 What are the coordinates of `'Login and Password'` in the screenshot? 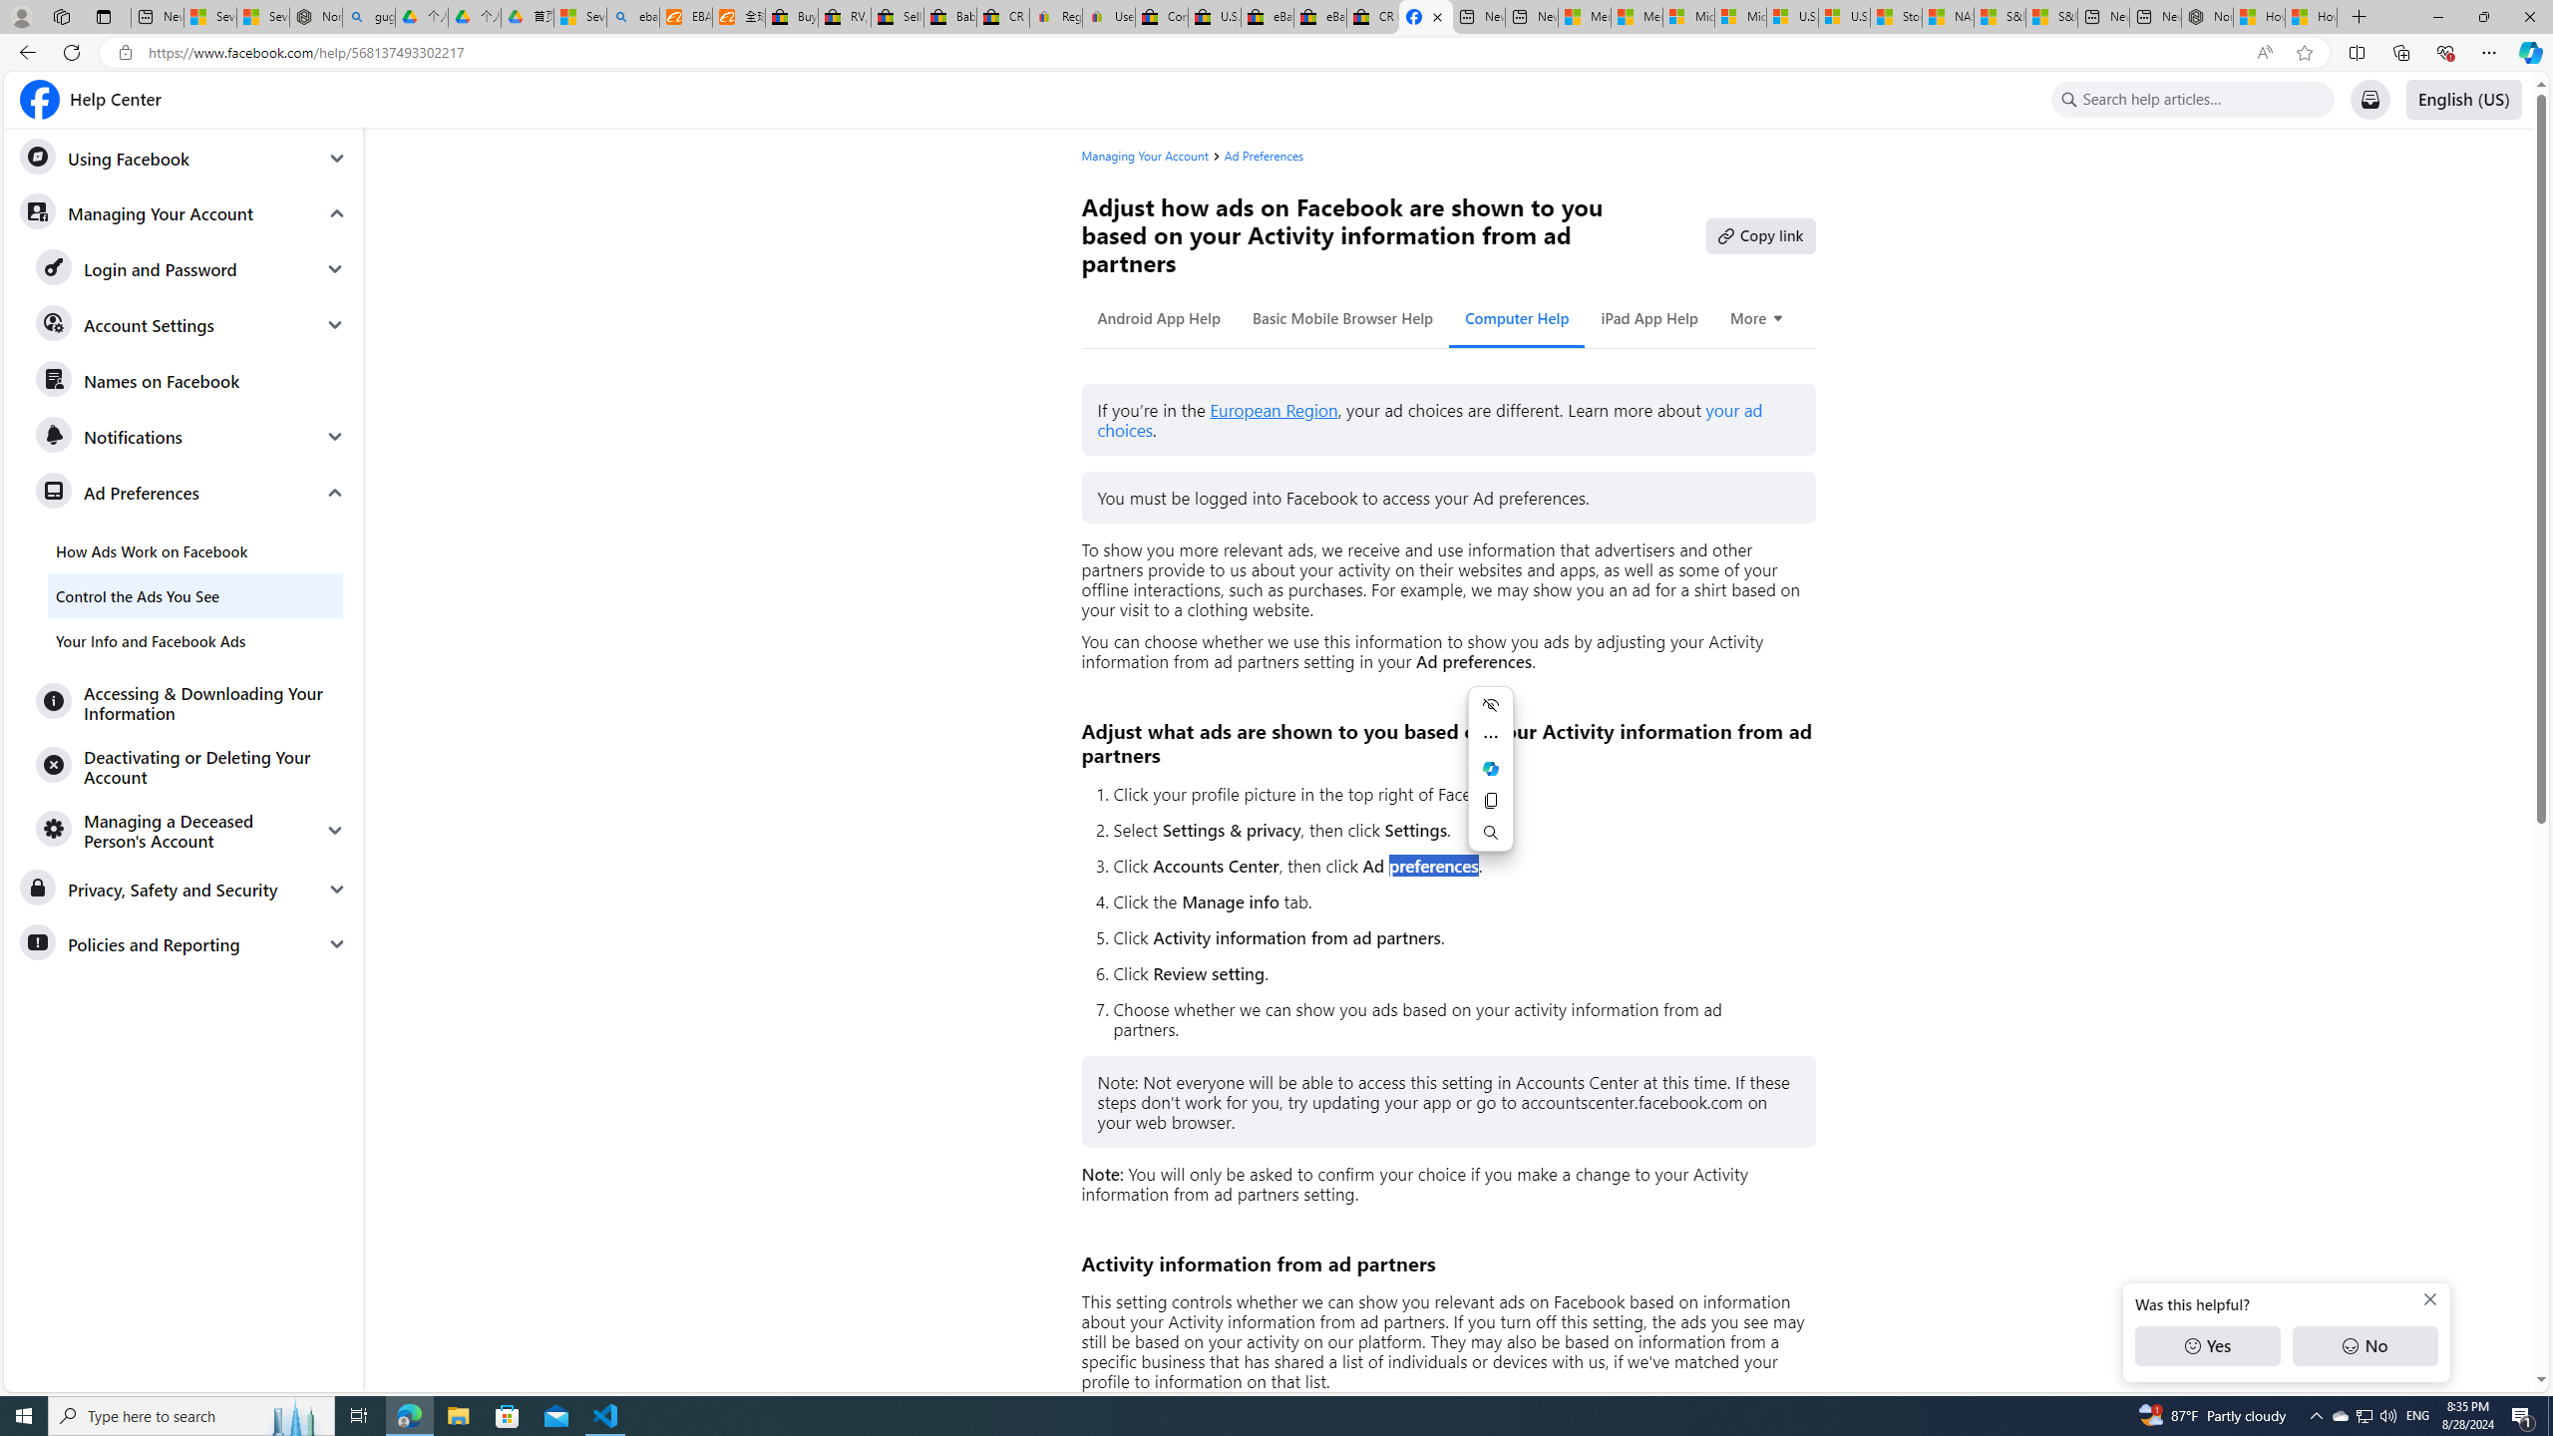 It's located at (190, 268).